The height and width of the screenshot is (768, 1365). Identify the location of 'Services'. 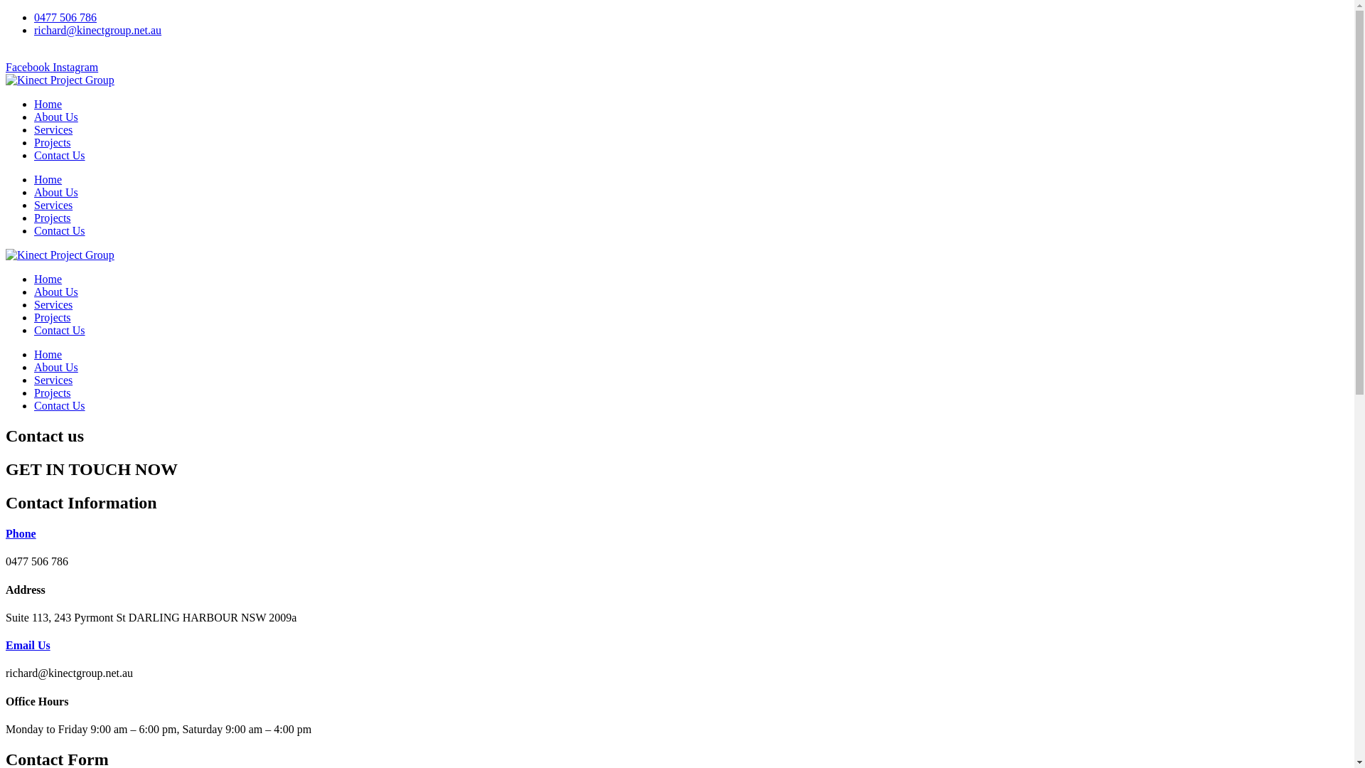
(53, 304).